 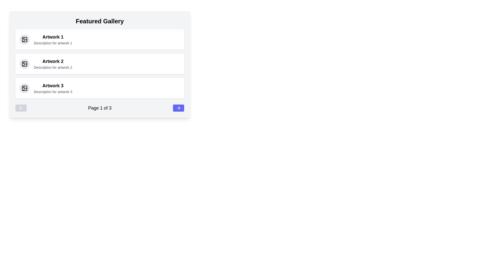 What do you see at coordinates (53, 39) in the screenshot?
I see `the text display block containing the bold header 'Artwork 1' and the subtitle 'Description for artwork 1', which is part of the featured artworks list under 'Featured Gallery'` at bounding box center [53, 39].